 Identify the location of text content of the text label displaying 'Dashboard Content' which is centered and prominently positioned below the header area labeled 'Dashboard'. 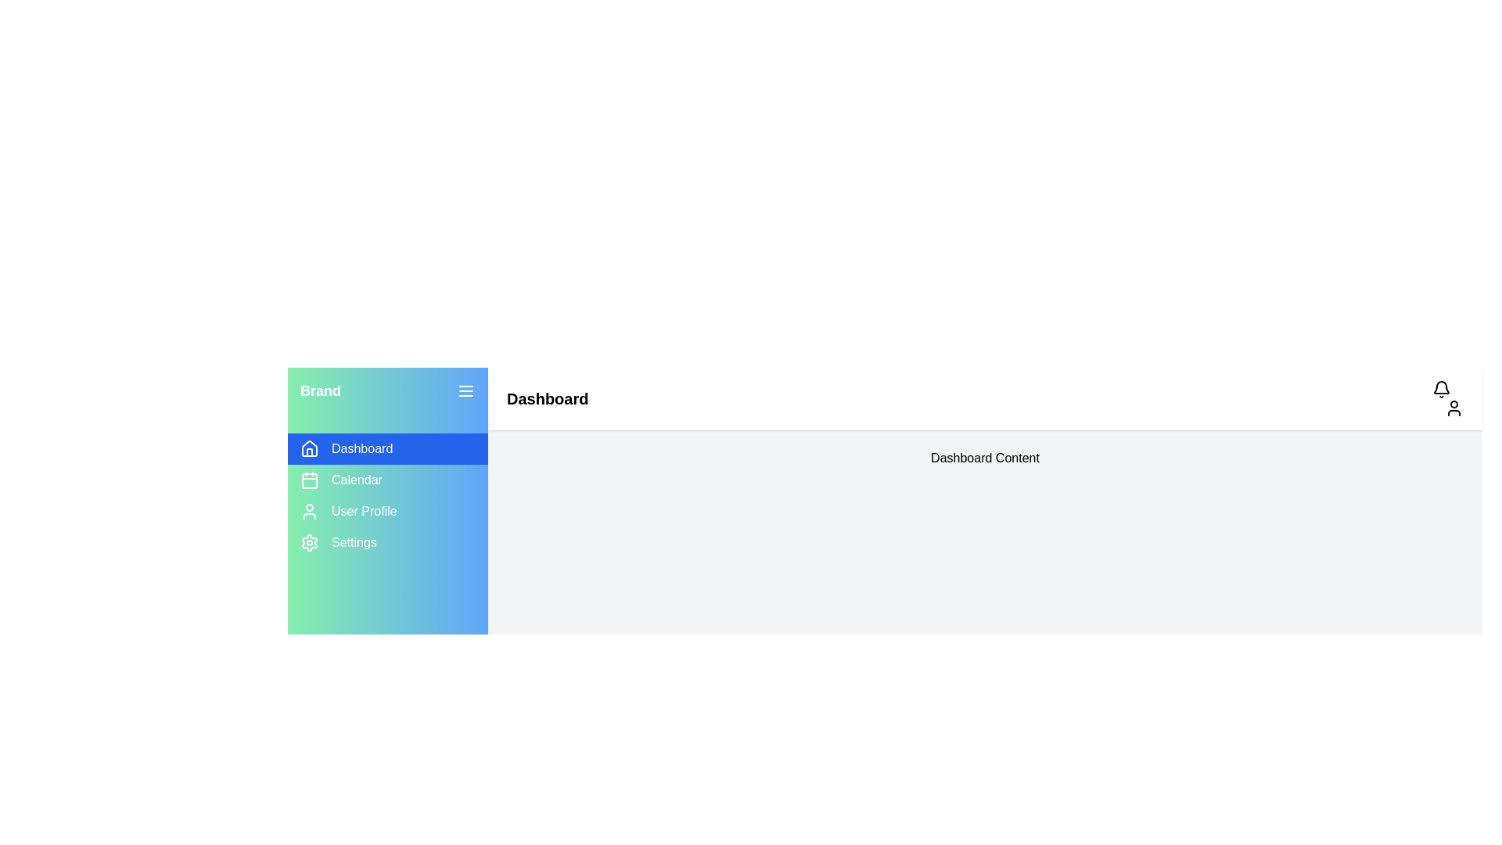
(984, 458).